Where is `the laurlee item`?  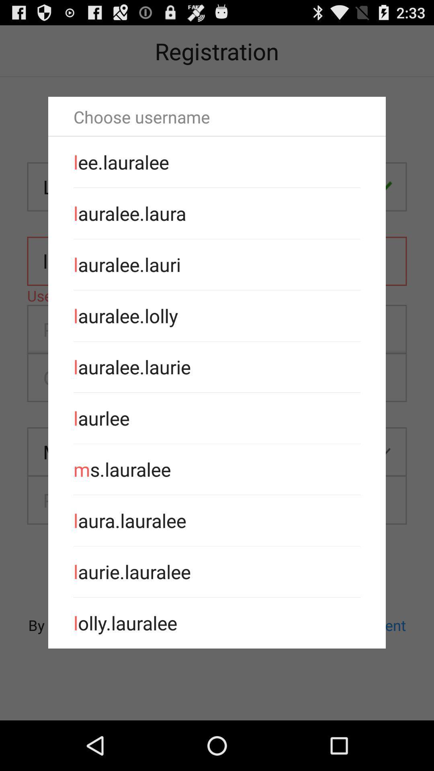
the laurlee item is located at coordinates (217, 418).